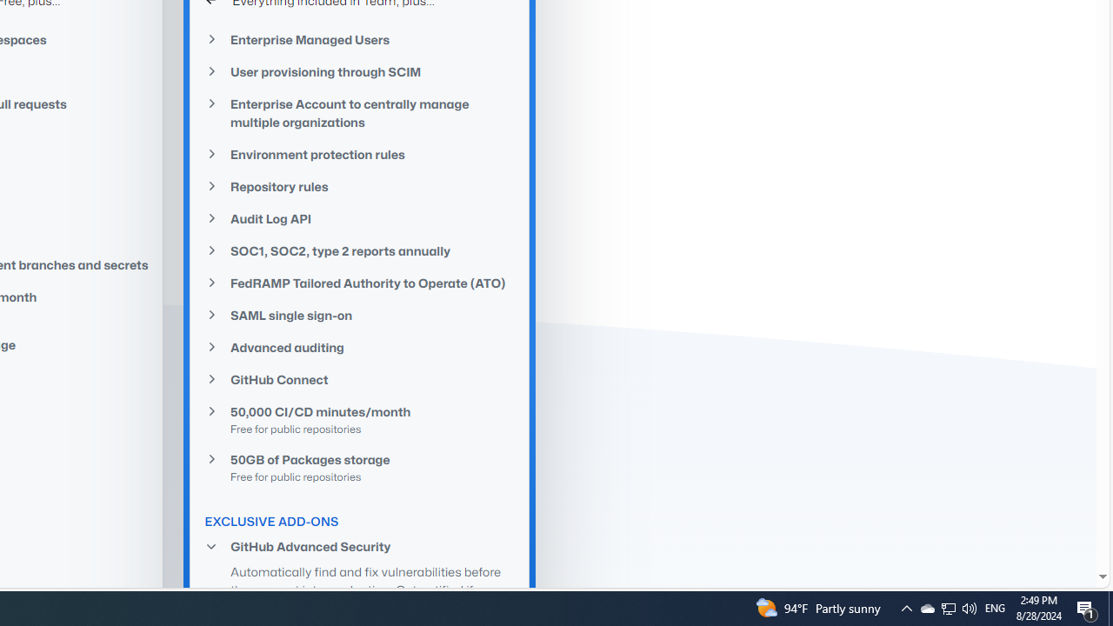  Describe the element at coordinates (359, 71) in the screenshot. I see `'User provisioning through SCIM'` at that location.